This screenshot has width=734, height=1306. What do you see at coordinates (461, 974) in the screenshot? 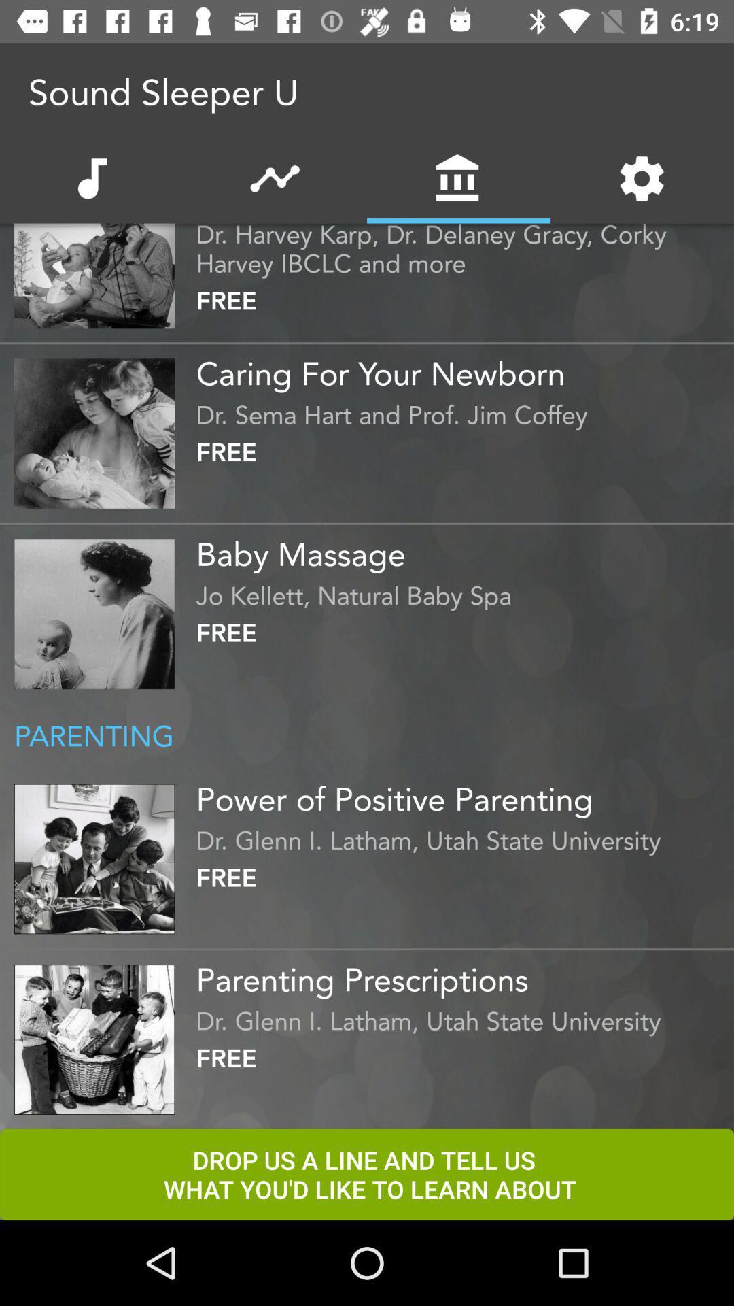
I see `item below free item` at bounding box center [461, 974].